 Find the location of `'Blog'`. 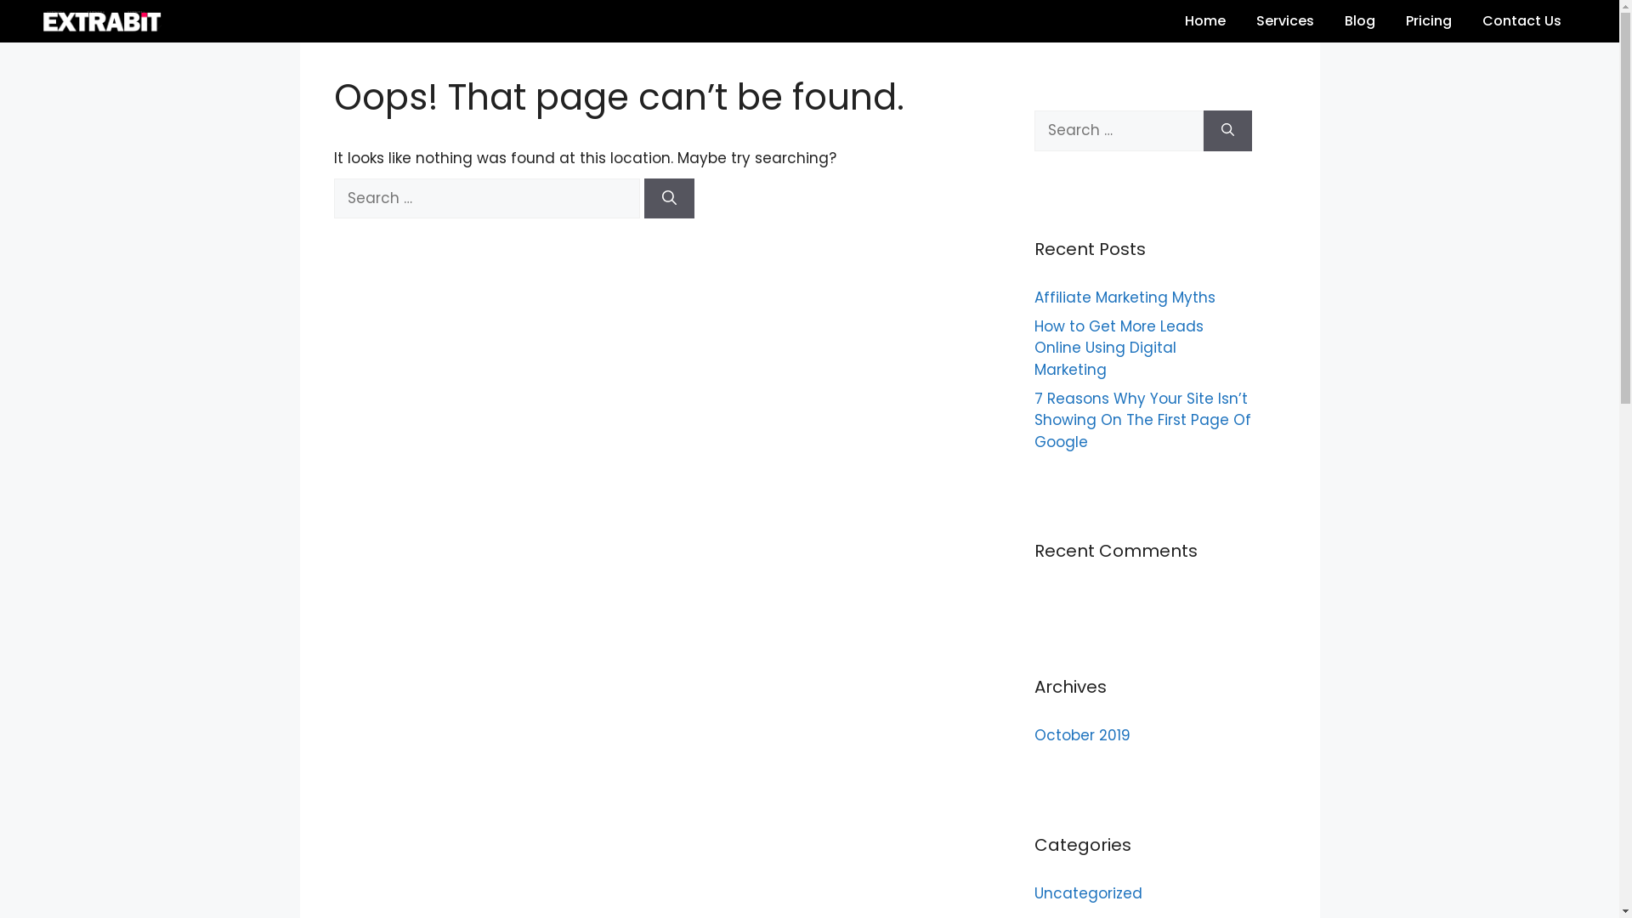

'Blog' is located at coordinates (1358, 20).